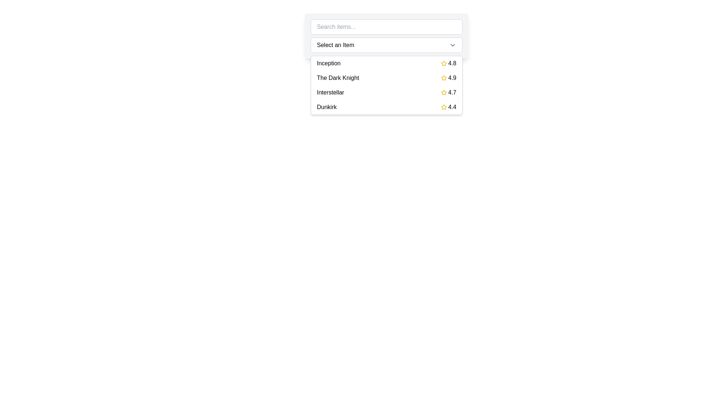 The width and height of the screenshot is (701, 394). What do you see at coordinates (443, 78) in the screenshot?
I see `the star icon` at bounding box center [443, 78].